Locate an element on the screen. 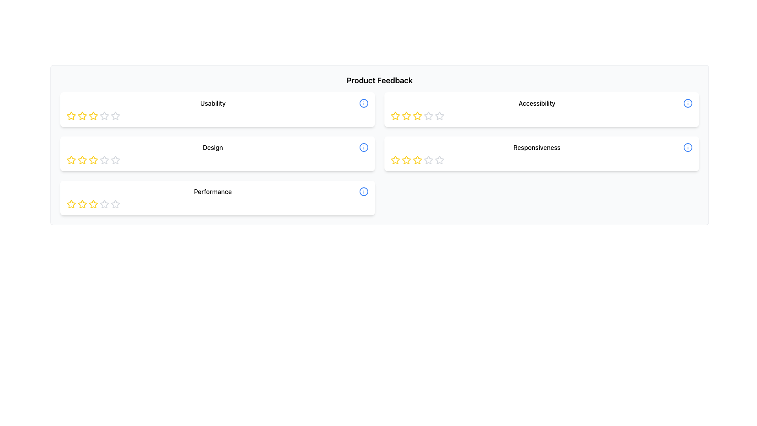 Image resolution: width=757 pixels, height=426 pixels. the fifth gray star icon in the Accessibility section of the Product Feedback interface, which has a hollow appearance and is part of a rating widget is located at coordinates (439, 116).